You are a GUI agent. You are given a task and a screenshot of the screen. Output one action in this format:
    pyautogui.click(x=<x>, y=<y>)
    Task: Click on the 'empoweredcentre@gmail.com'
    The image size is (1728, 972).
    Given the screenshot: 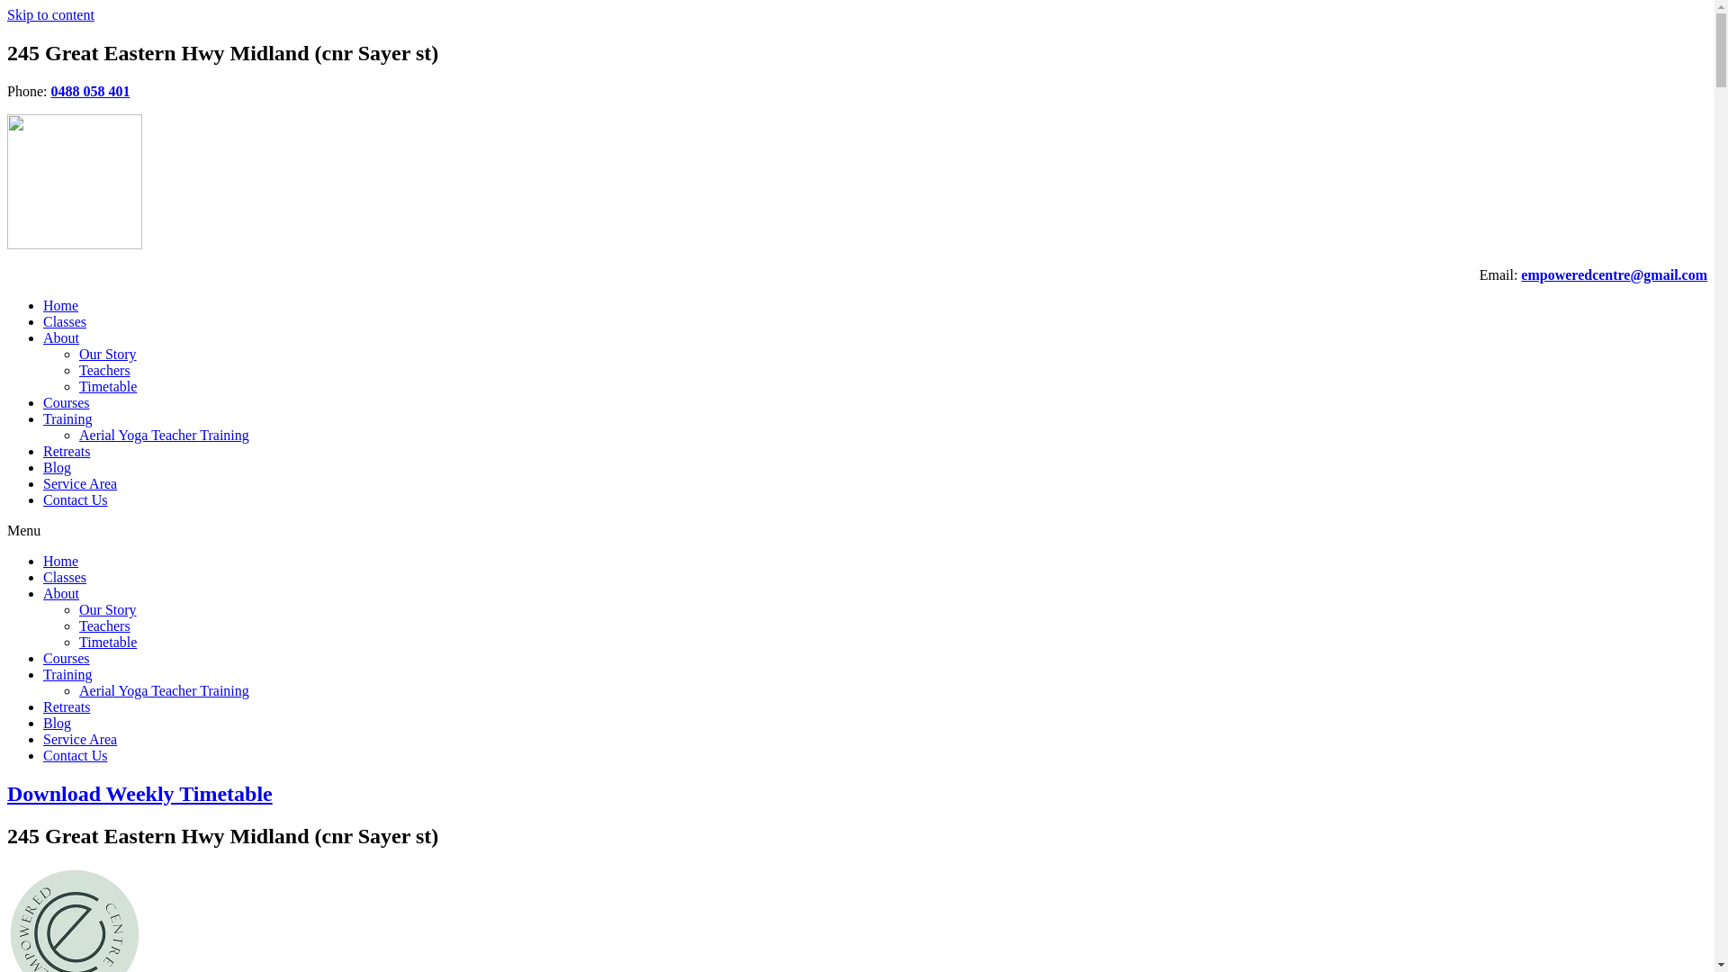 What is the action you would take?
    pyautogui.click(x=1614, y=274)
    